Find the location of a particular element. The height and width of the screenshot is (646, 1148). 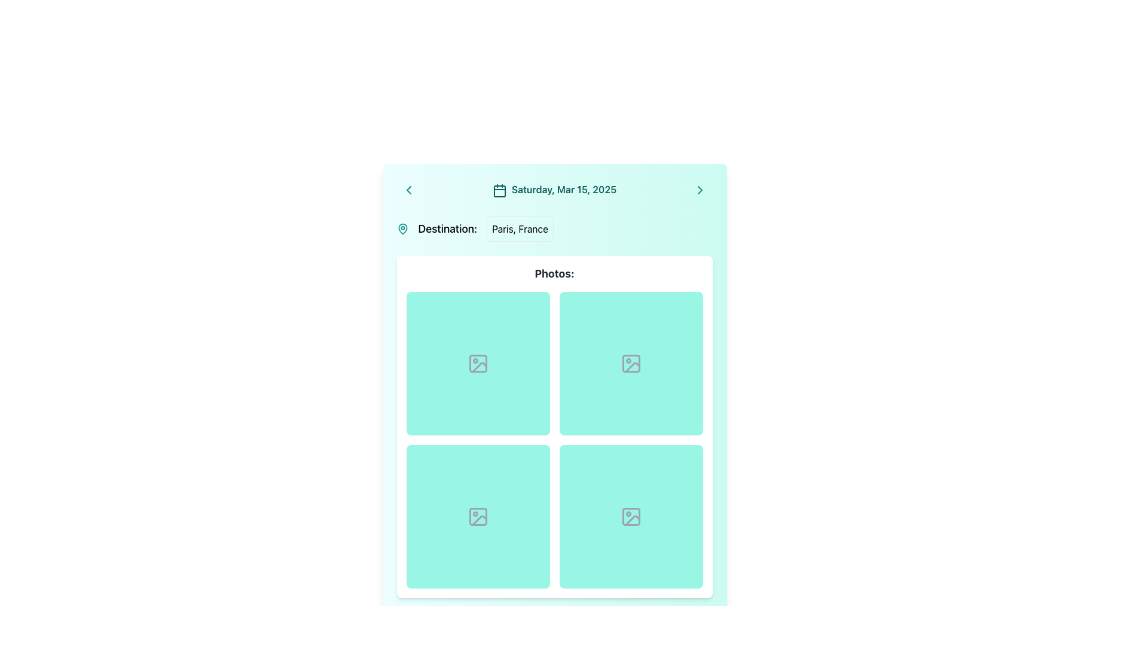

the teal rightward pointing chevron button located in the top-right corner of the header section is located at coordinates (700, 189).